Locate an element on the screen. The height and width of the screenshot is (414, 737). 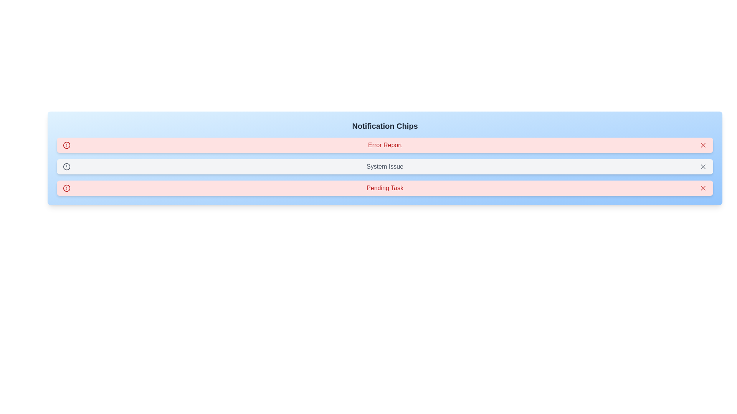
the close button of the chip labeled Pending Task is located at coordinates (703, 188).